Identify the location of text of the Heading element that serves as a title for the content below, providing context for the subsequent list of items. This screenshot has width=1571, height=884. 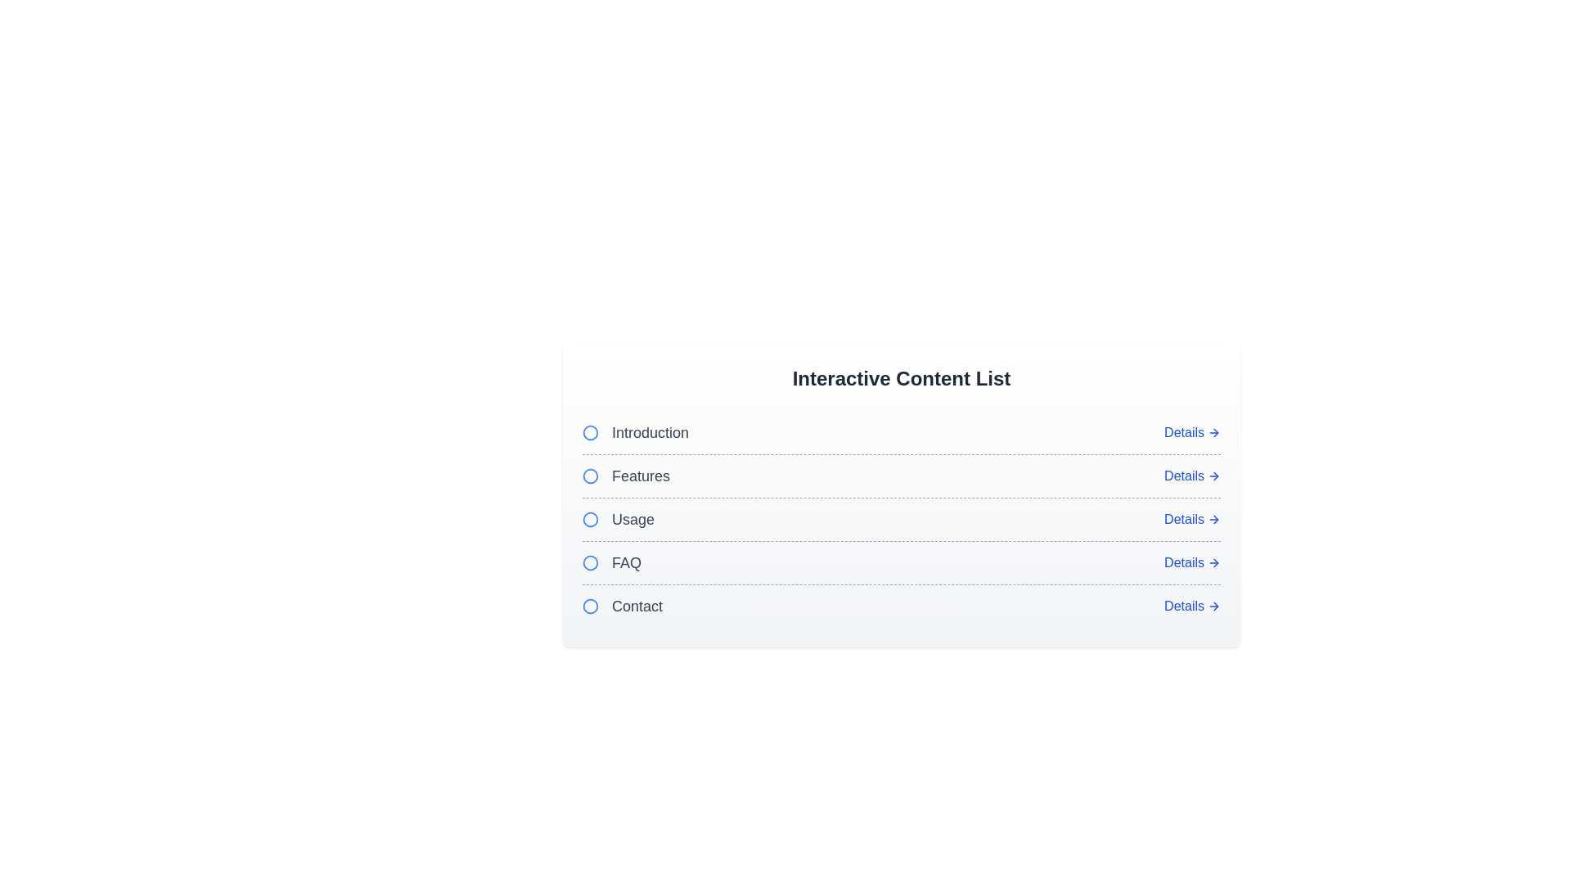
(901, 378).